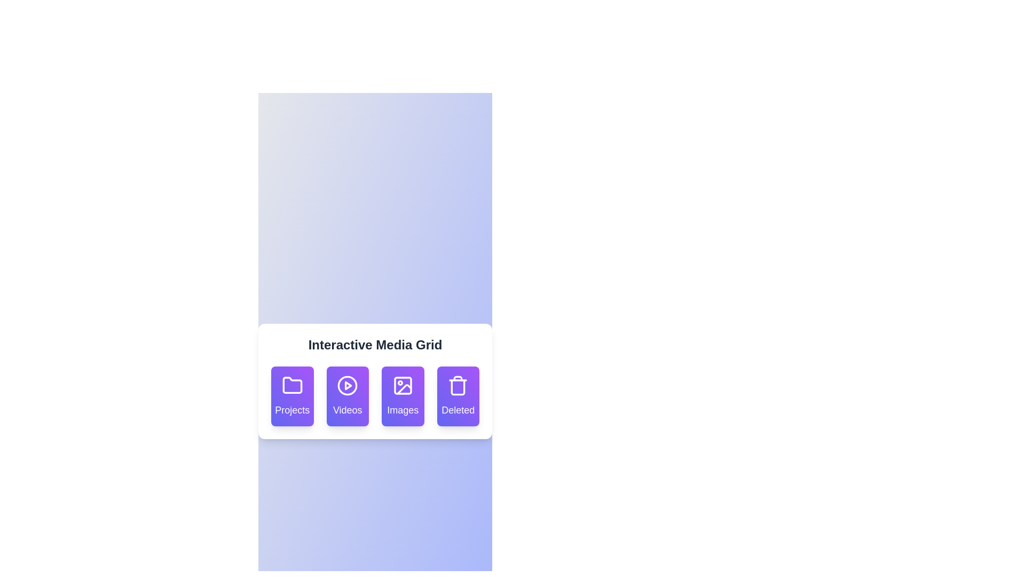 The image size is (1025, 577). Describe the element at coordinates (292, 385) in the screenshot. I see `the folder icon with a gradient purple background located in the center of the 'Projects' card` at that location.